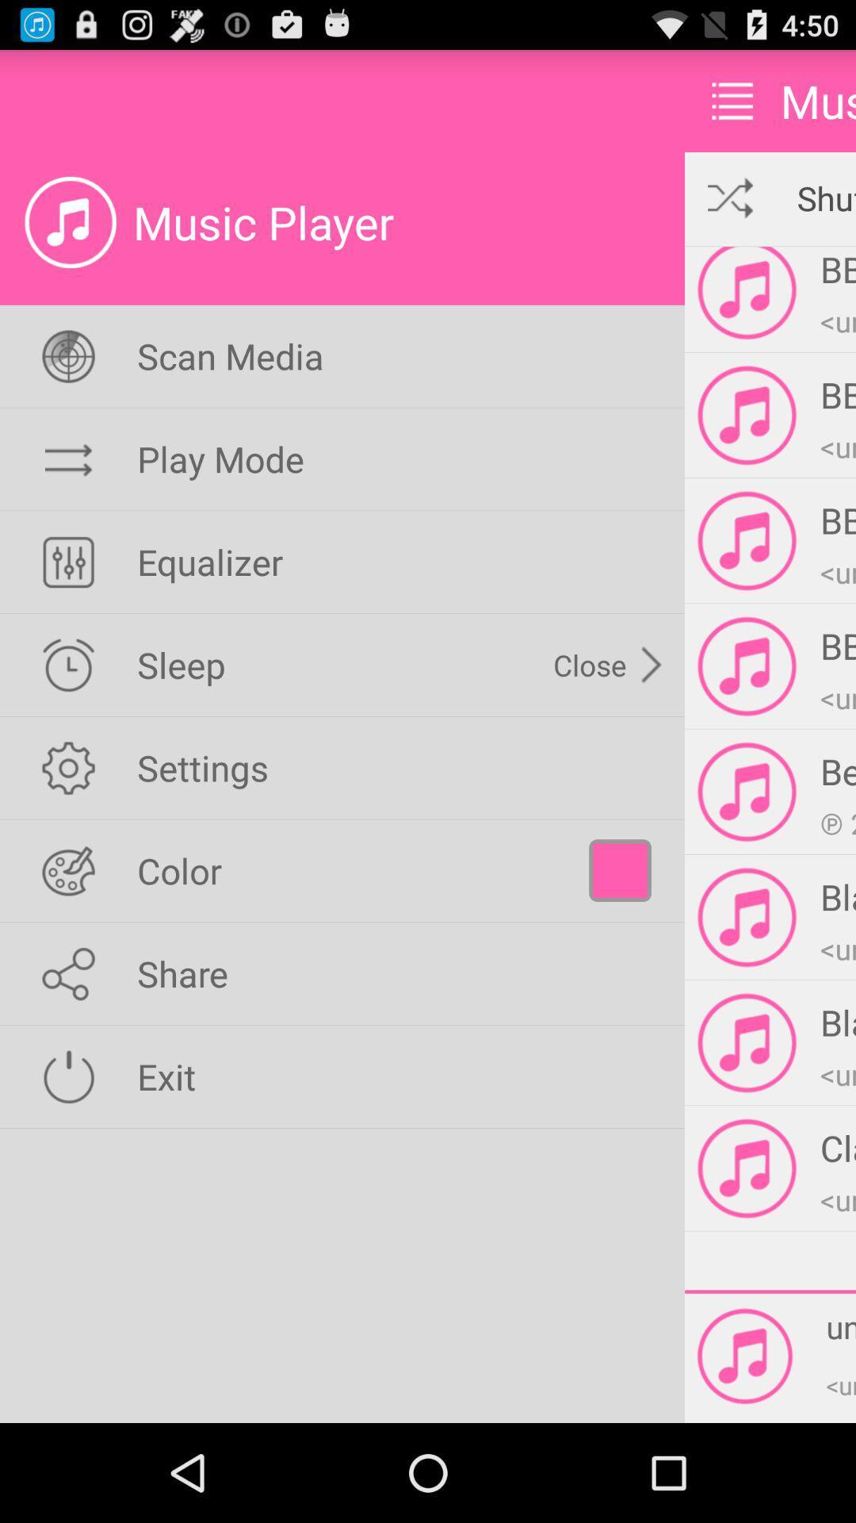  I want to click on the item to the left of music item, so click(732, 100).